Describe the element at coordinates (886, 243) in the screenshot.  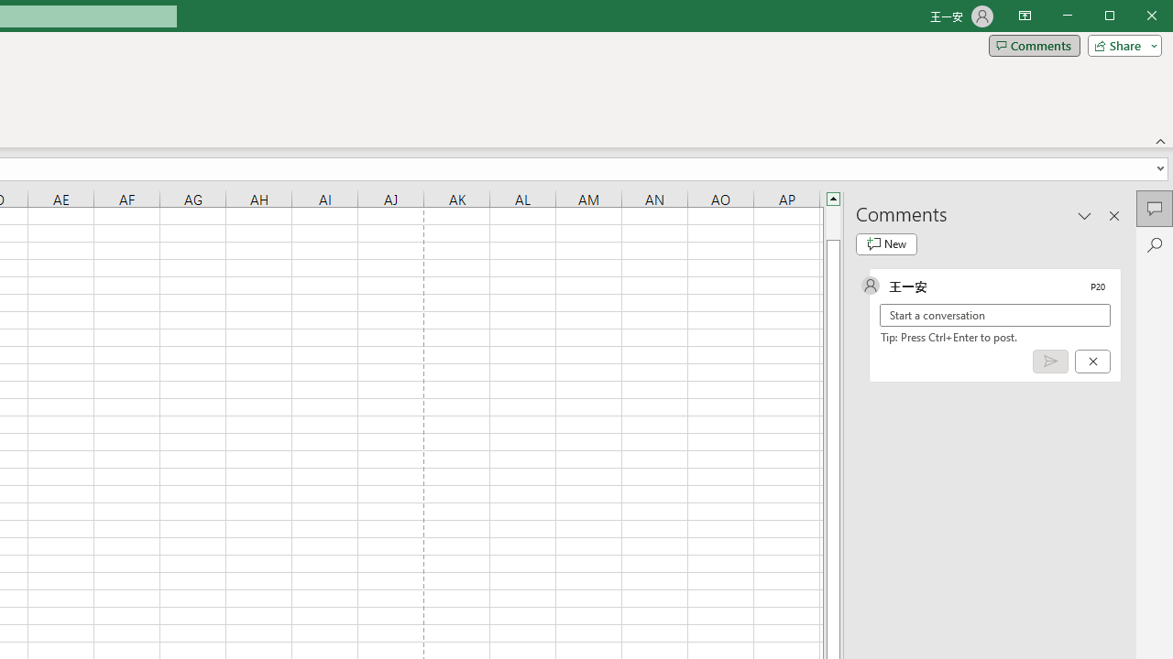
I see `'New comment'` at that location.